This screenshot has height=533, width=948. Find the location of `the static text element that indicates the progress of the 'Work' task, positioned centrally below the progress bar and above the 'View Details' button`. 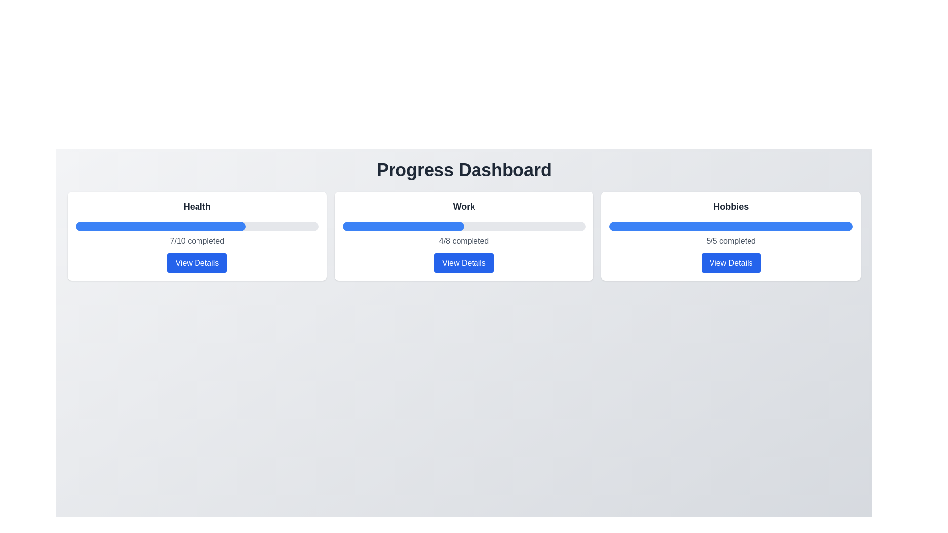

the static text element that indicates the progress of the 'Work' task, positioned centrally below the progress bar and above the 'View Details' button is located at coordinates (464, 241).